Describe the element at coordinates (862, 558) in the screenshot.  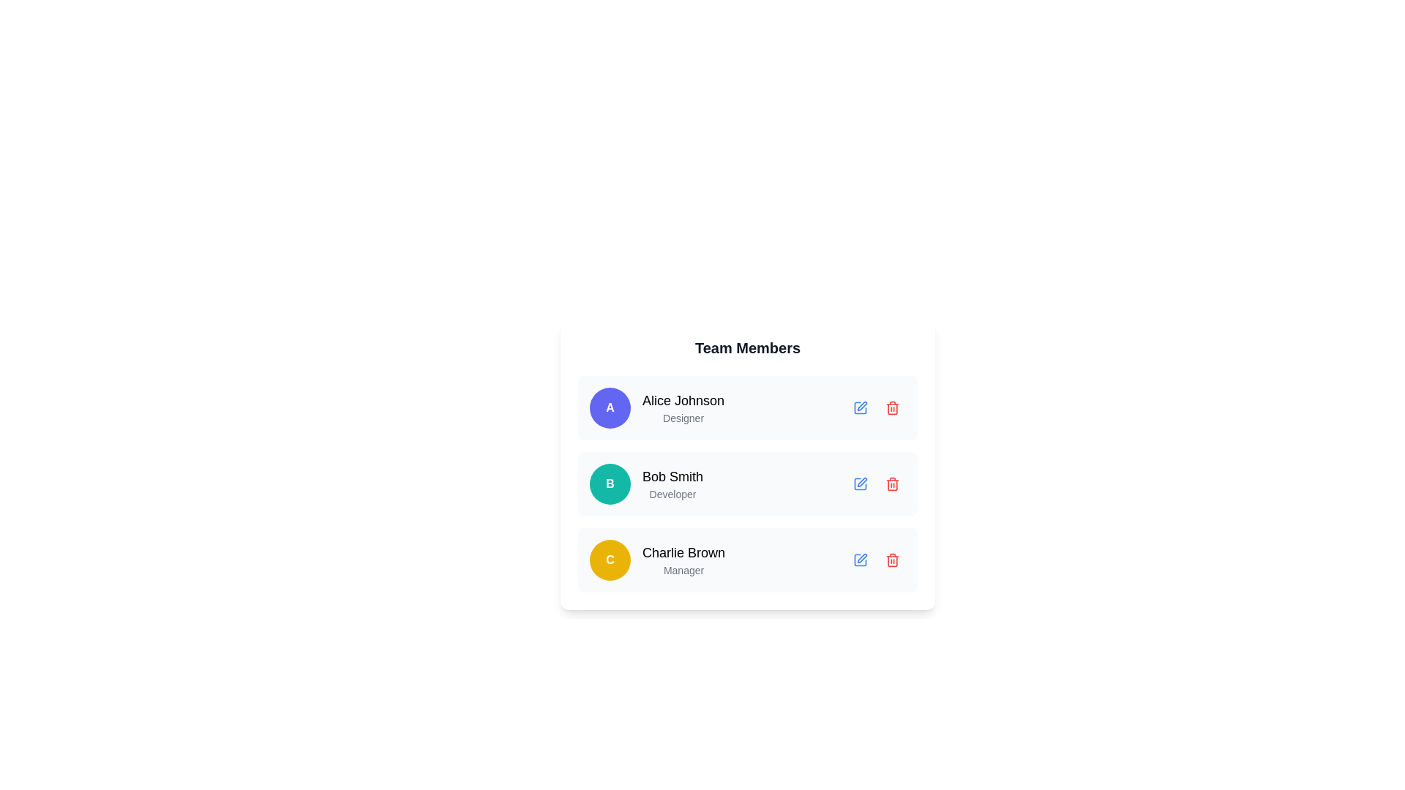
I see `the edit icon, which is a pen icon located to the right of the text 'Charlie Brown', to initiate editing` at that location.